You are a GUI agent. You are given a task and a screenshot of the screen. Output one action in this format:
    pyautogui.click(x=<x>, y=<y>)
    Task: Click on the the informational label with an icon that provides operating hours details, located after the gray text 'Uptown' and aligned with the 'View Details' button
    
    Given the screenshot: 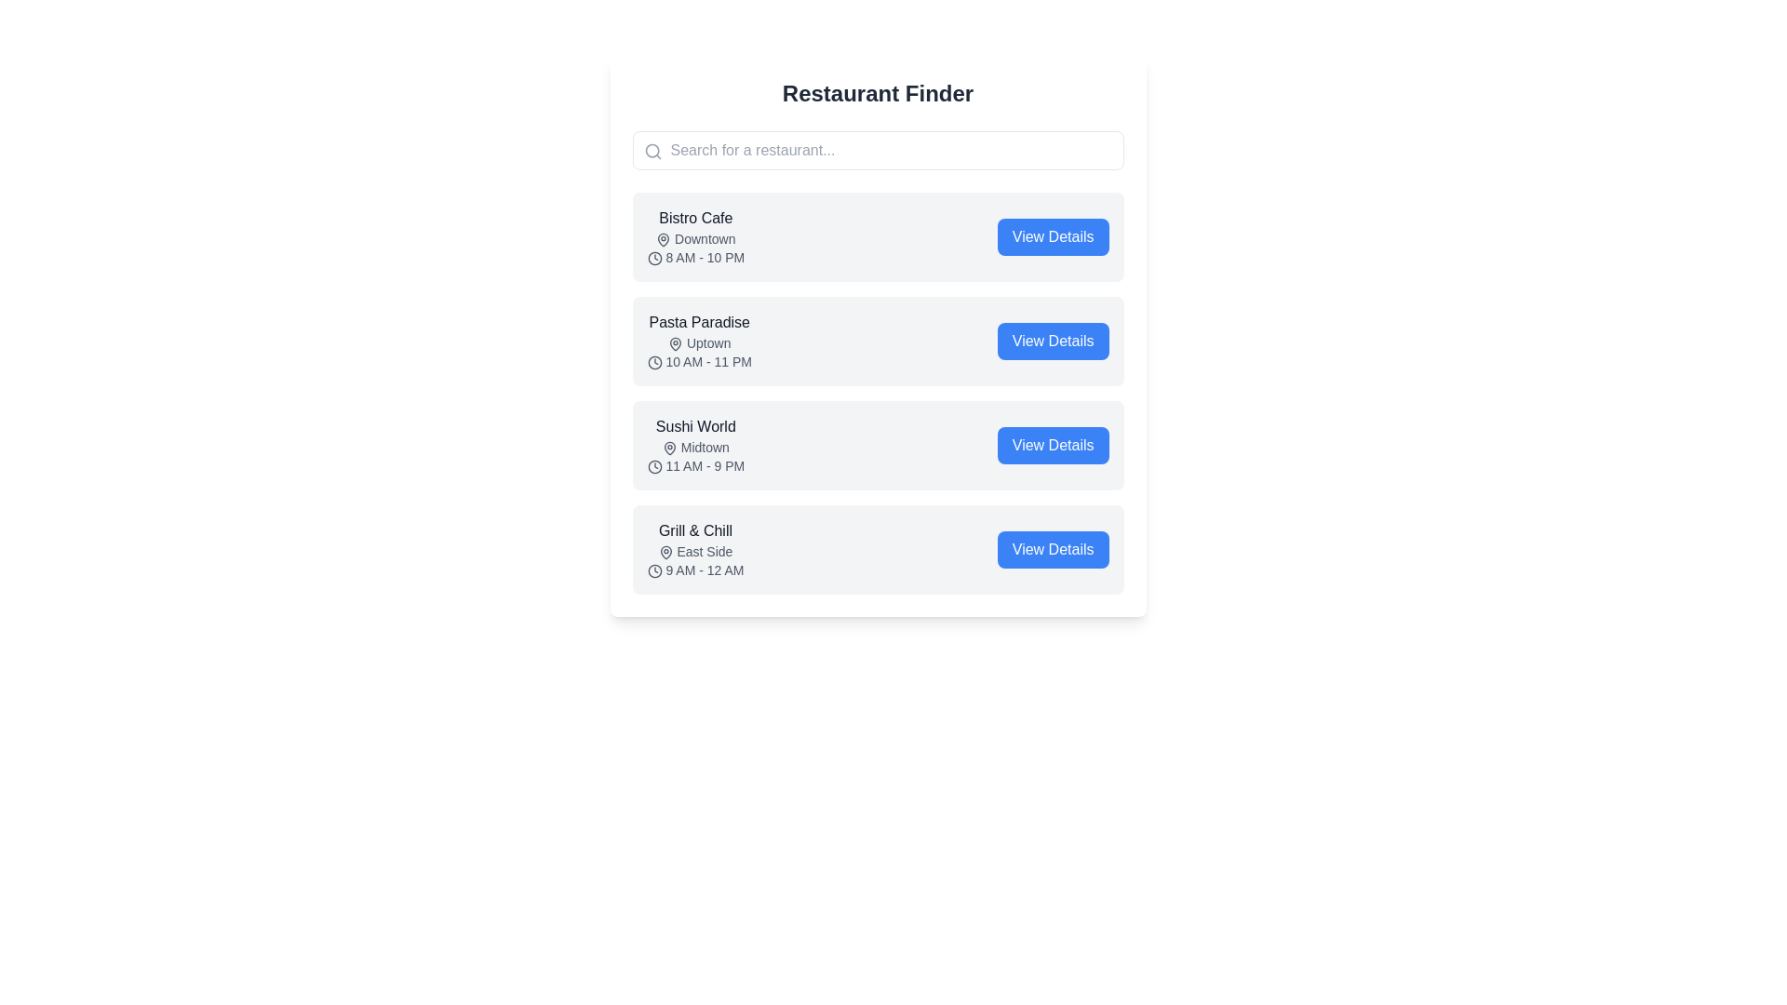 What is the action you would take?
    pyautogui.click(x=698, y=362)
    